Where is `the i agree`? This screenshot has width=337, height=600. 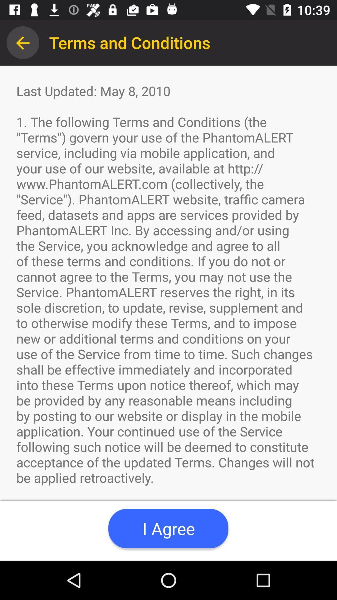
the i agree is located at coordinates (168, 528).